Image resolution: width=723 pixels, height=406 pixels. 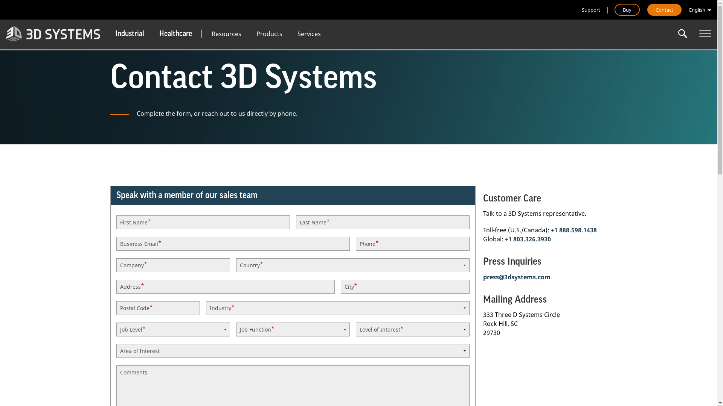 What do you see at coordinates (700, 10) in the screenshot?
I see `'English'` at bounding box center [700, 10].